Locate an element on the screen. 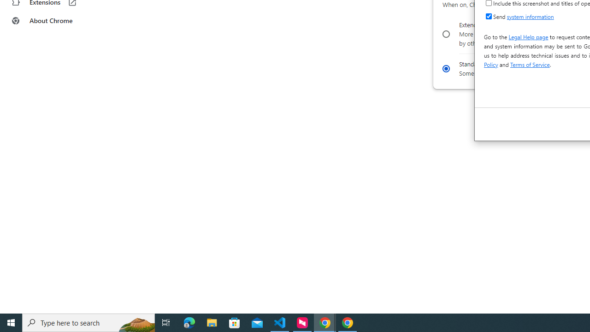 This screenshot has height=332, width=590. 'Search highlights icon opens search home window' is located at coordinates (136, 322).